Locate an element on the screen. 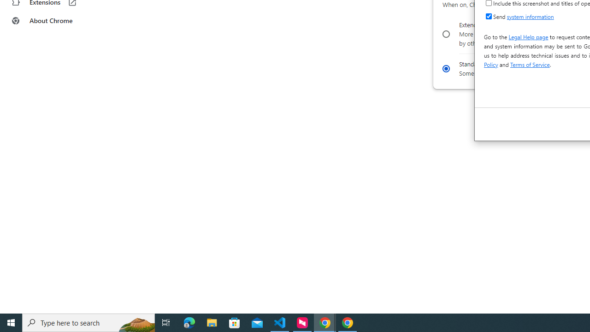 This screenshot has height=332, width=590. 'Search highlights icon opens search home window' is located at coordinates (136, 322).